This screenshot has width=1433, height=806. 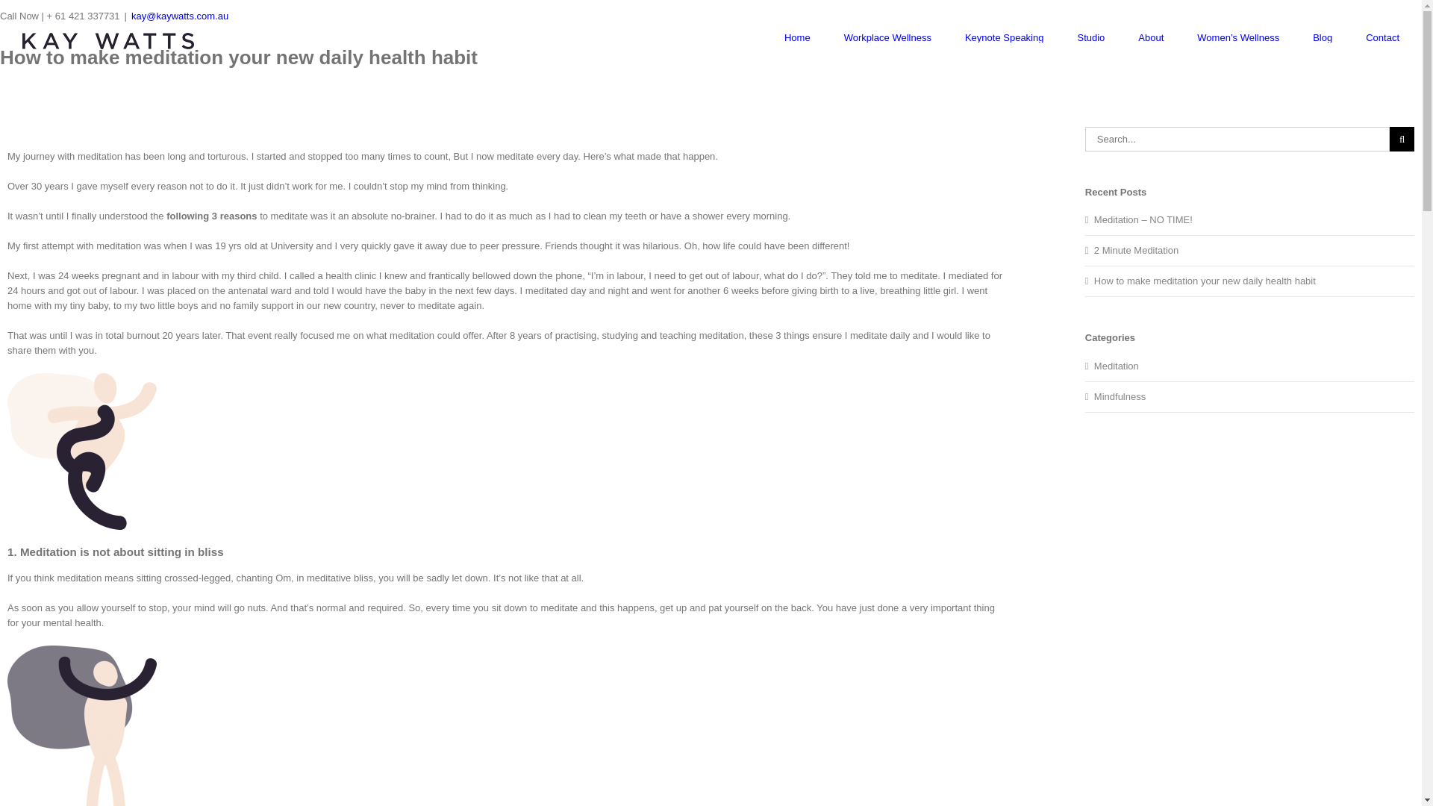 I want to click on 'Keynote Speaking', so click(x=964, y=37).